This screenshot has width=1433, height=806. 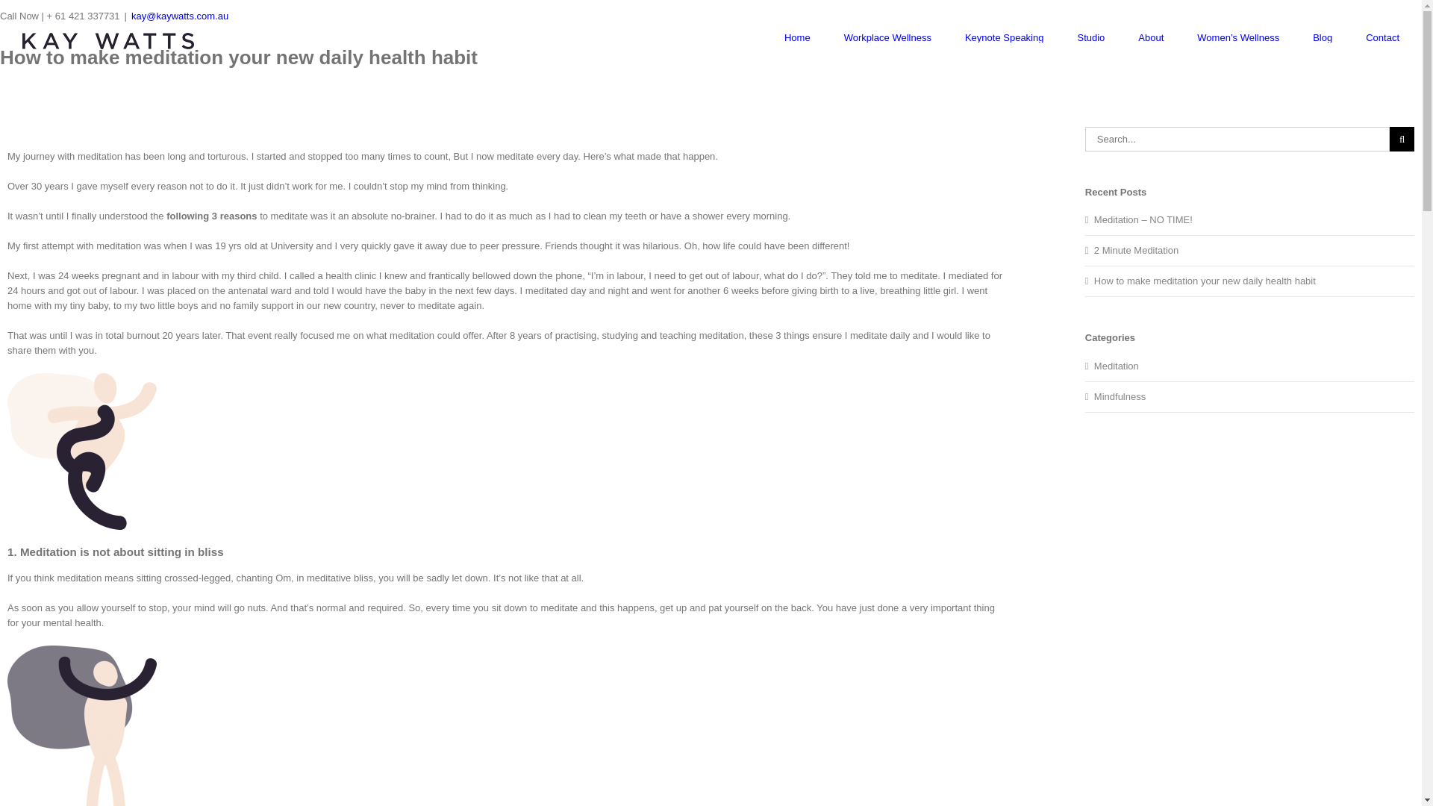 I want to click on 'Keynote Speaking', so click(x=964, y=37).